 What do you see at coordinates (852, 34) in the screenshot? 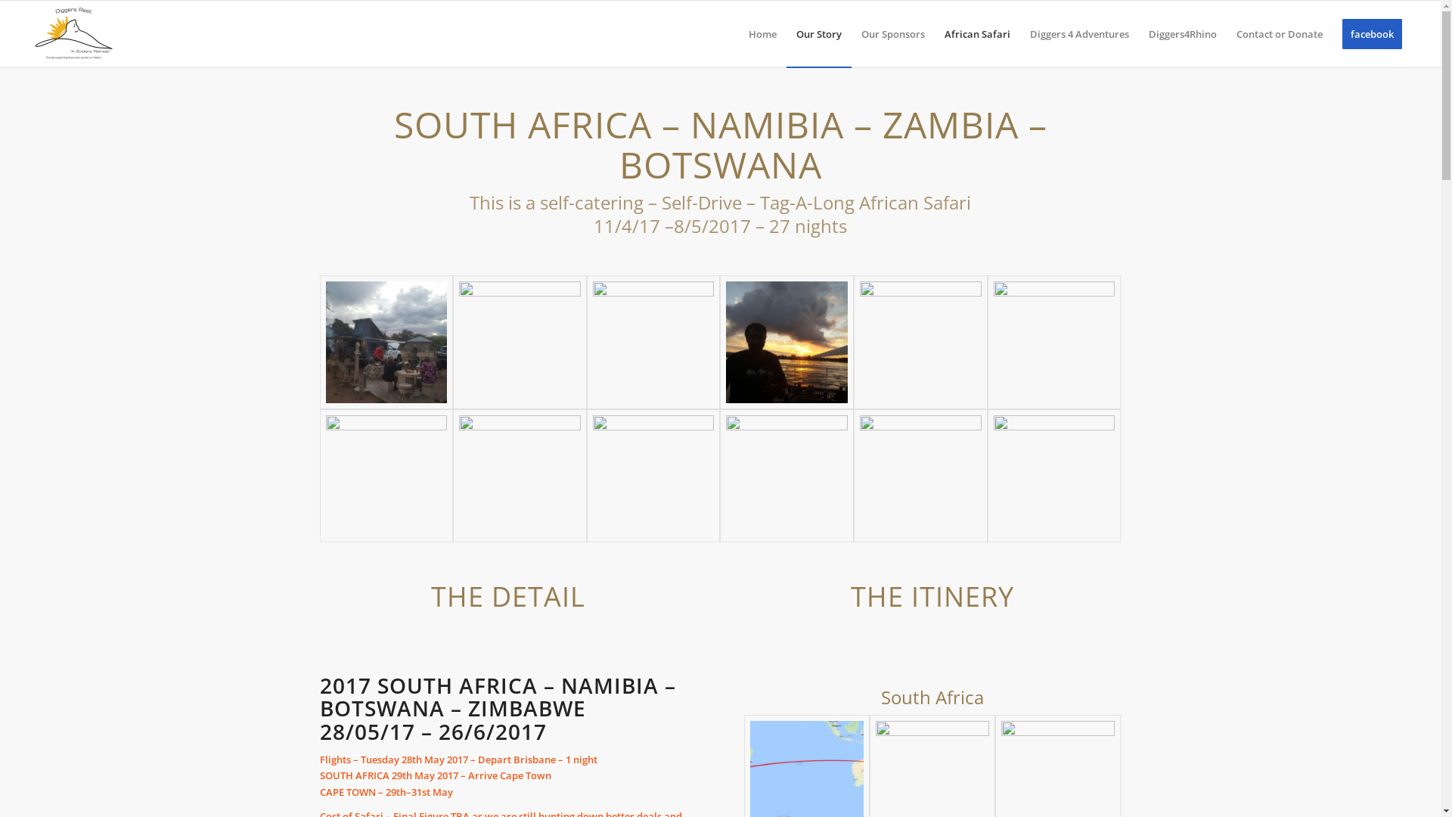
I see `'Our Sponsors'` at bounding box center [852, 34].